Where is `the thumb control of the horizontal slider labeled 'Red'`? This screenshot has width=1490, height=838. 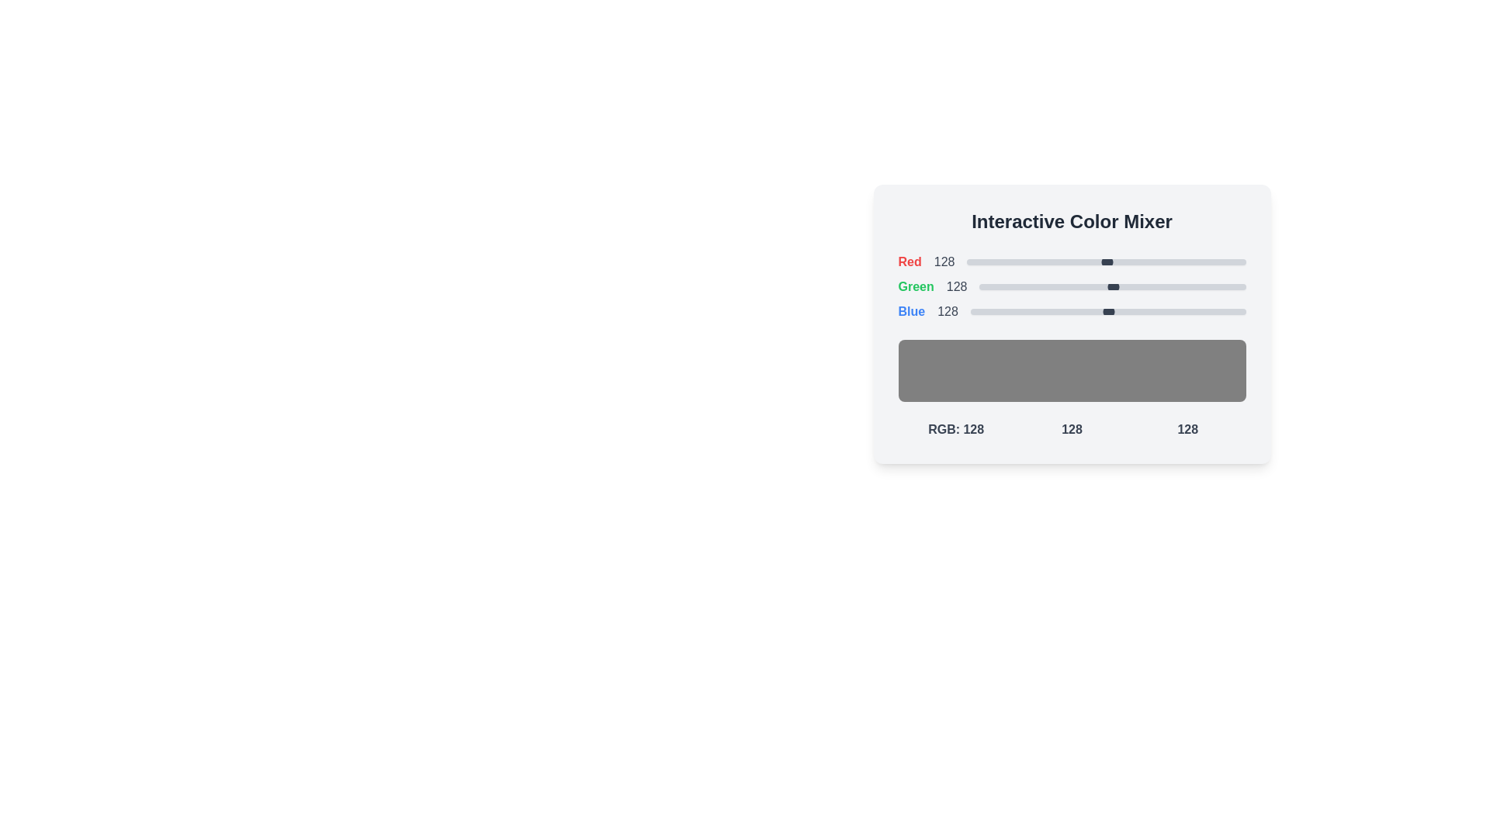 the thumb control of the horizontal slider labeled 'Red' is located at coordinates (1105, 261).